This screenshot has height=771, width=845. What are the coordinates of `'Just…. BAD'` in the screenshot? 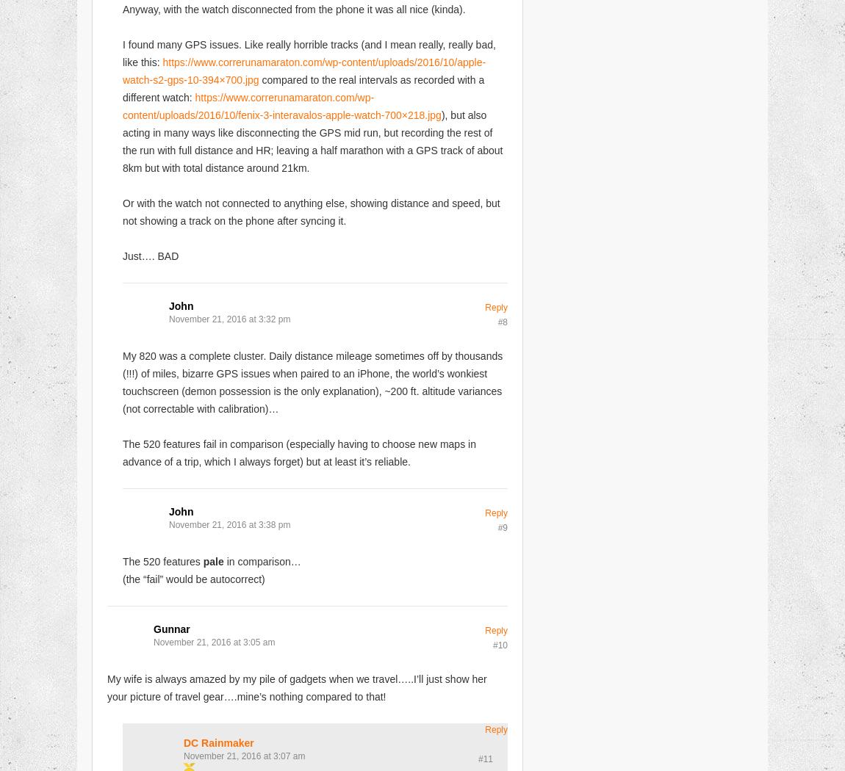 It's located at (121, 254).